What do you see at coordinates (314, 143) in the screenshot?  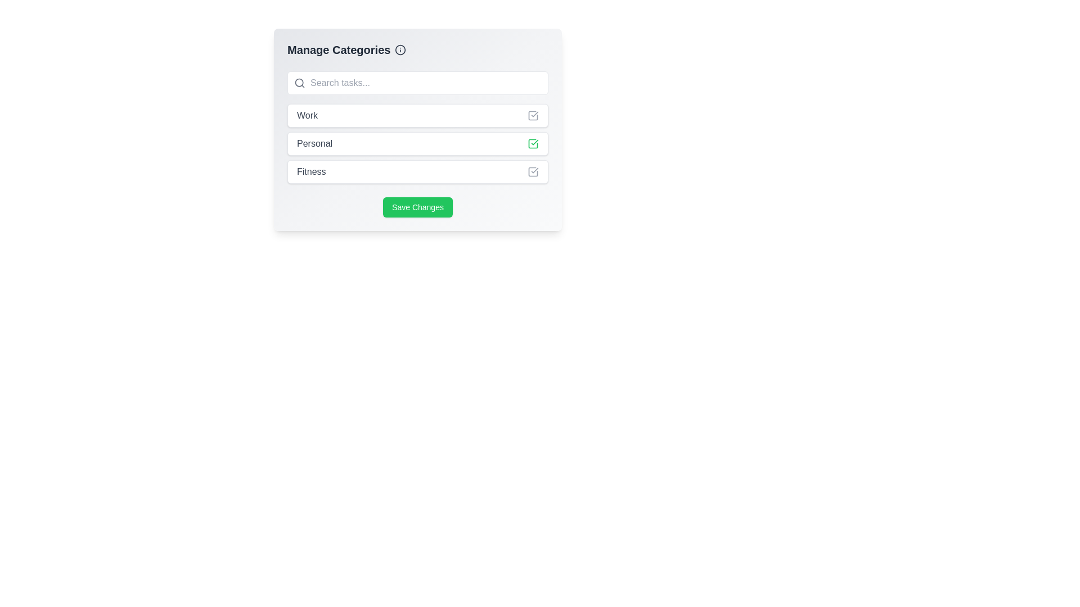 I see `the static text label that indicates the 'Personal' category, which is positioned below 'Work' and above 'Fitness' in a vertically stacked list of categories` at bounding box center [314, 143].